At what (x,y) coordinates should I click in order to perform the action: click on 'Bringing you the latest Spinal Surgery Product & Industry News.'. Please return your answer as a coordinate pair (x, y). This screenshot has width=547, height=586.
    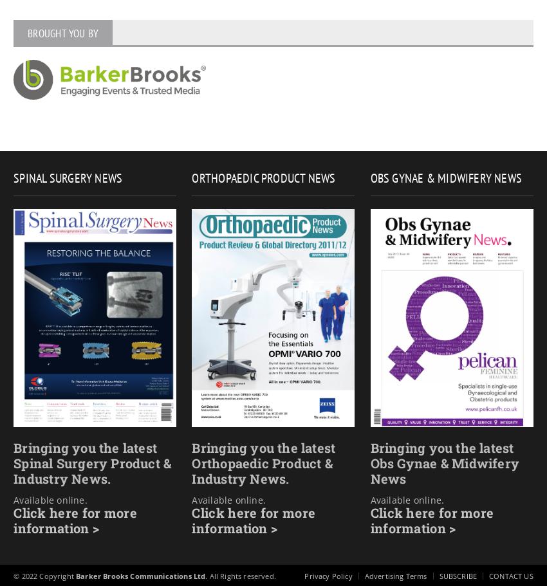
    Looking at the image, I should click on (92, 462).